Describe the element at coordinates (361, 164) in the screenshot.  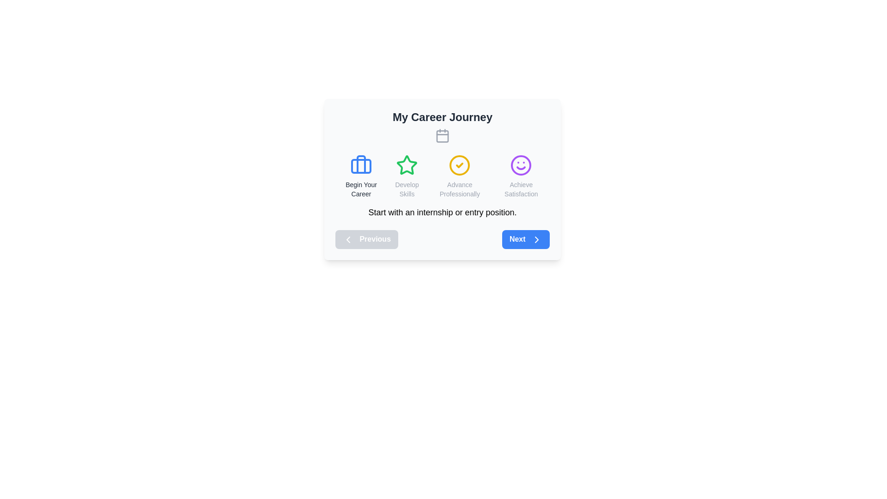
I see `the vertical segment of the briefcase icon, which is the leftmost icon in a row of four icons representing career-related content` at that location.